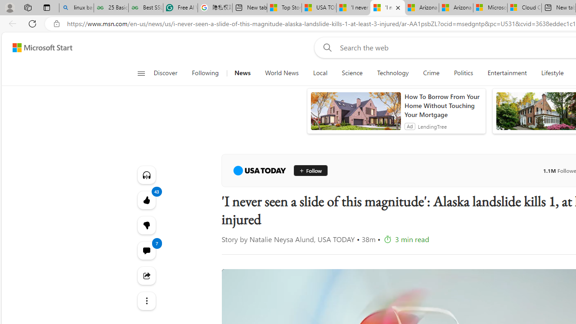  What do you see at coordinates (140, 73) in the screenshot?
I see `'Class: button-glyph'` at bounding box center [140, 73].